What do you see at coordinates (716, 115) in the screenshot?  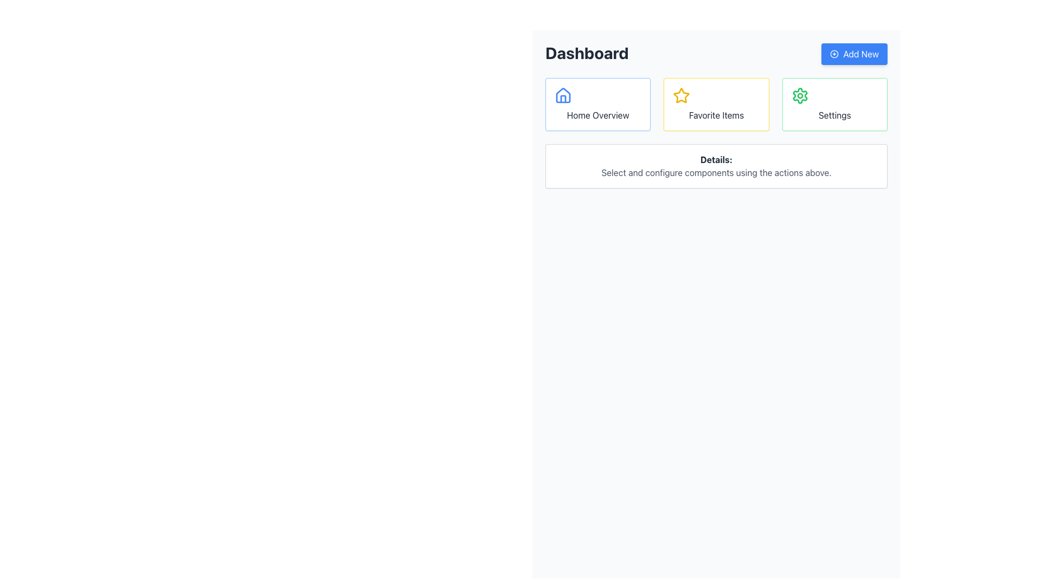 I see `'Favorite Items' text label located at the bottom of the yellow-bordered box in the middle section of the dashboard interface` at bounding box center [716, 115].